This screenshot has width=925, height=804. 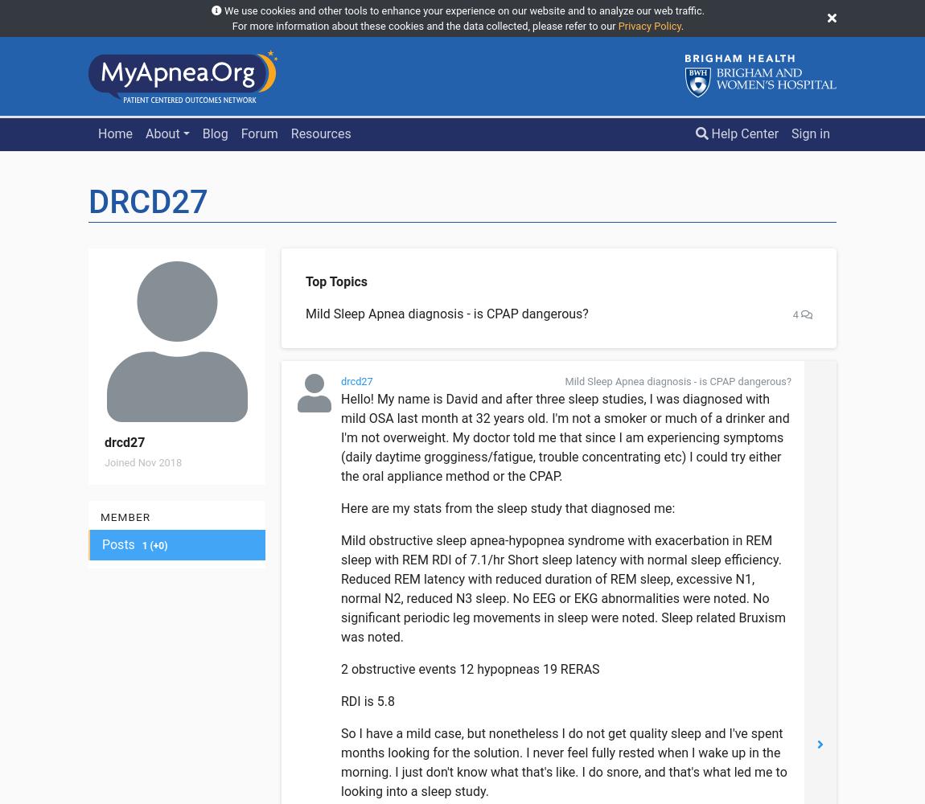 I want to click on 'Sign in', so click(x=791, y=133).